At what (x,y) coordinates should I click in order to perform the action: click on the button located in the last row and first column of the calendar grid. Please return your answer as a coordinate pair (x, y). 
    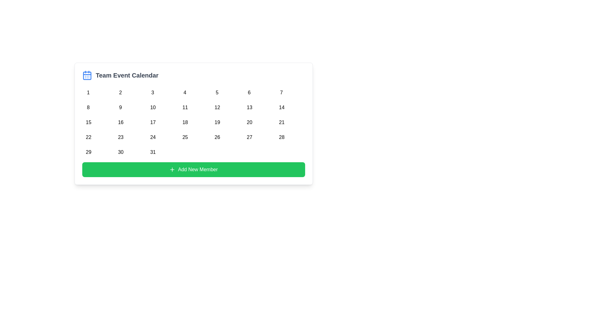
    Looking at the image, I should click on (88, 151).